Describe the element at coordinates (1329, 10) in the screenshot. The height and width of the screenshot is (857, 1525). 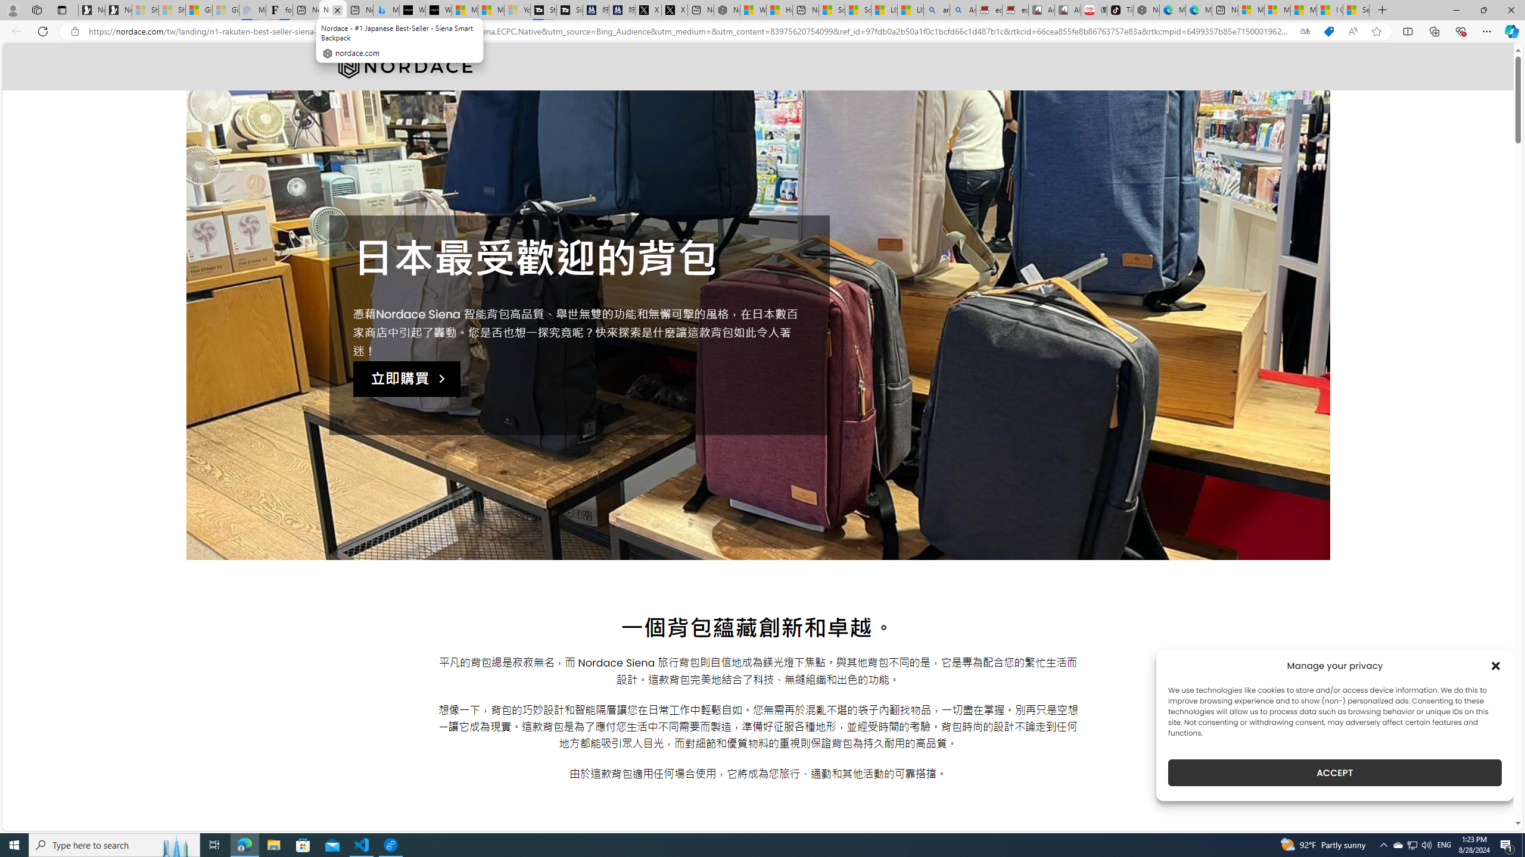
I see `'I Gained 20 Pounds of Muscle in 30 Days! | Watch'` at that location.